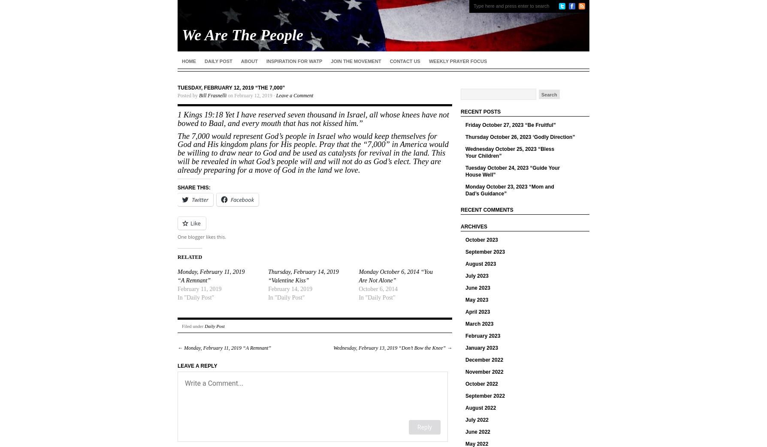 Image resolution: width=767 pixels, height=447 pixels. Describe the element at coordinates (512, 171) in the screenshot. I see `'Tuesday October 24, 2023 “Guide Your House Well”'` at that location.